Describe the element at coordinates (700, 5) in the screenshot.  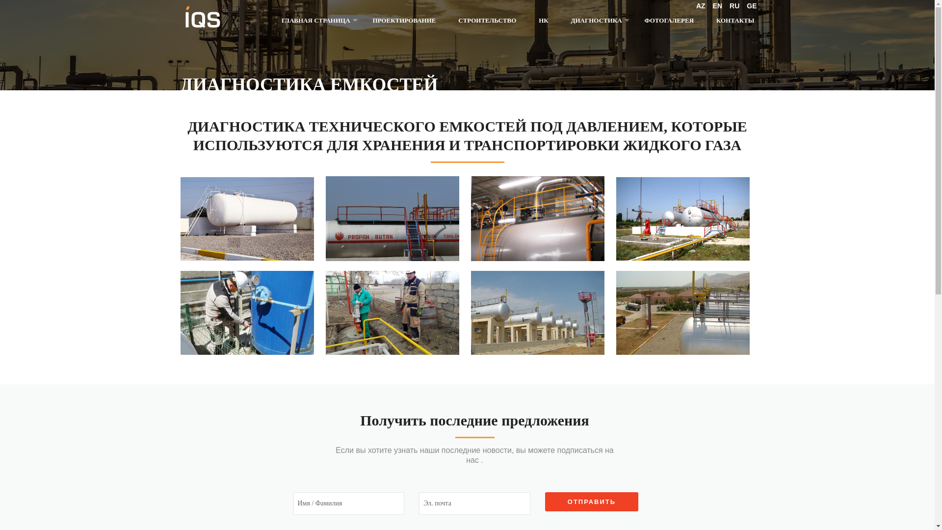
I see `'AZ'` at that location.